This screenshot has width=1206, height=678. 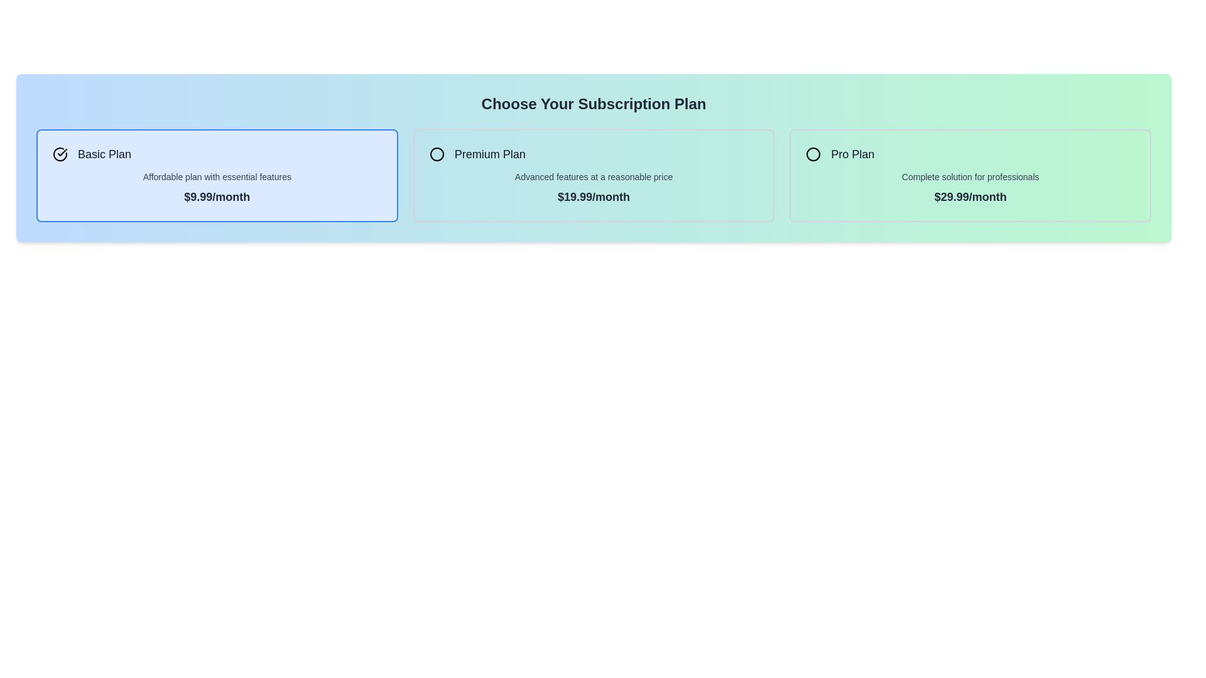 What do you see at coordinates (813, 154) in the screenshot?
I see `the status icon located on the left side of the Pro Plan section, which precedes the text 'Pro Plan'` at bounding box center [813, 154].